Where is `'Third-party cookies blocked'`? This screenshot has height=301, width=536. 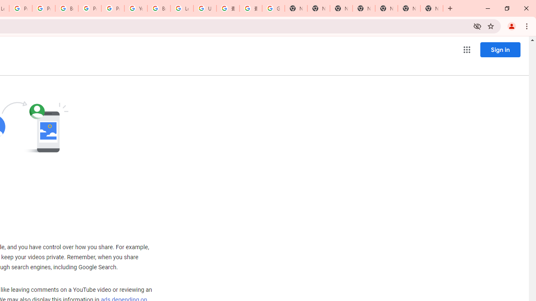 'Third-party cookies blocked' is located at coordinates (477, 26).